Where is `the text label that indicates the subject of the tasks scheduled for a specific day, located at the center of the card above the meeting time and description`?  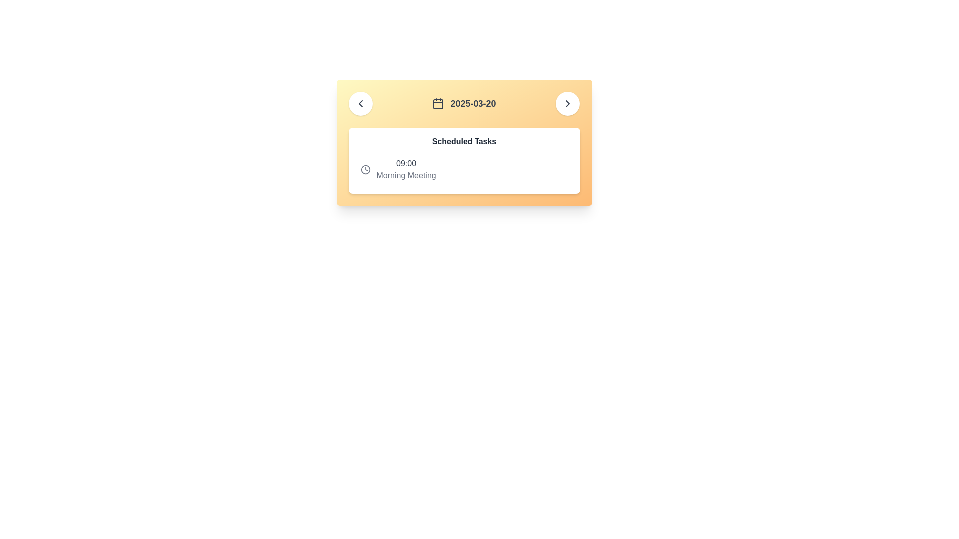 the text label that indicates the subject of the tasks scheduled for a specific day, located at the center of the card above the meeting time and description is located at coordinates (464, 142).